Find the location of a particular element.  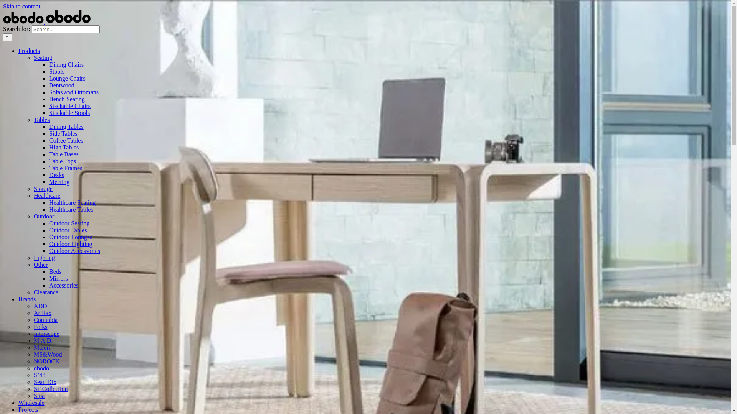

'Sofas and Ottomans' is located at coordinates (74, 92).